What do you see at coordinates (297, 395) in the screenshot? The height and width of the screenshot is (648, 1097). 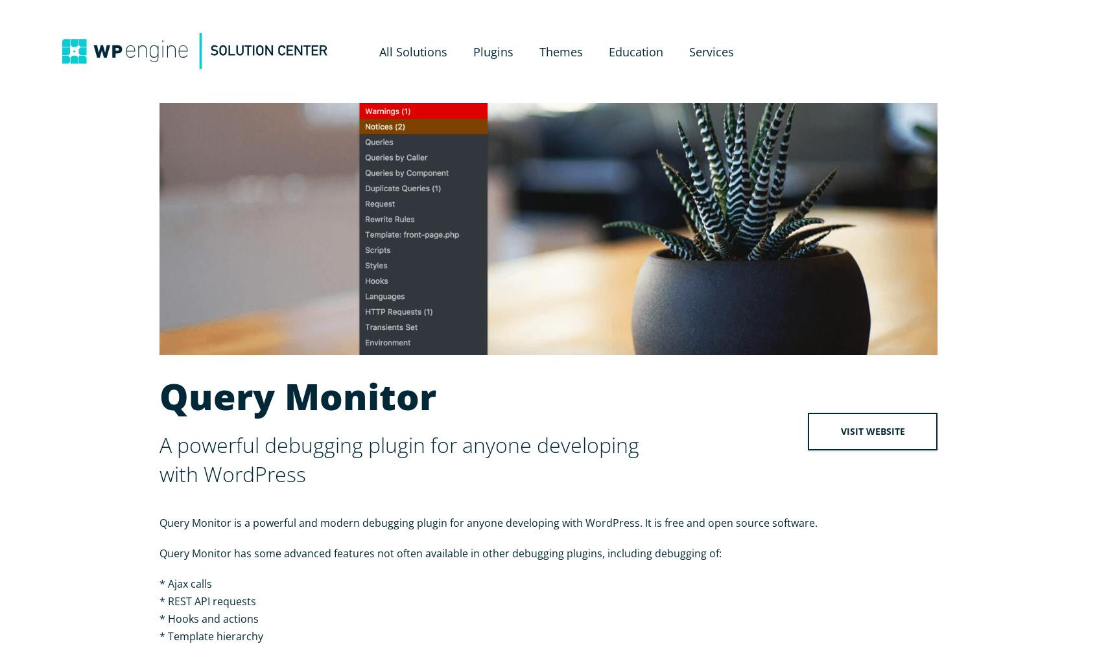 I see `'Query Monitor'` at bounding box center [297, 395].